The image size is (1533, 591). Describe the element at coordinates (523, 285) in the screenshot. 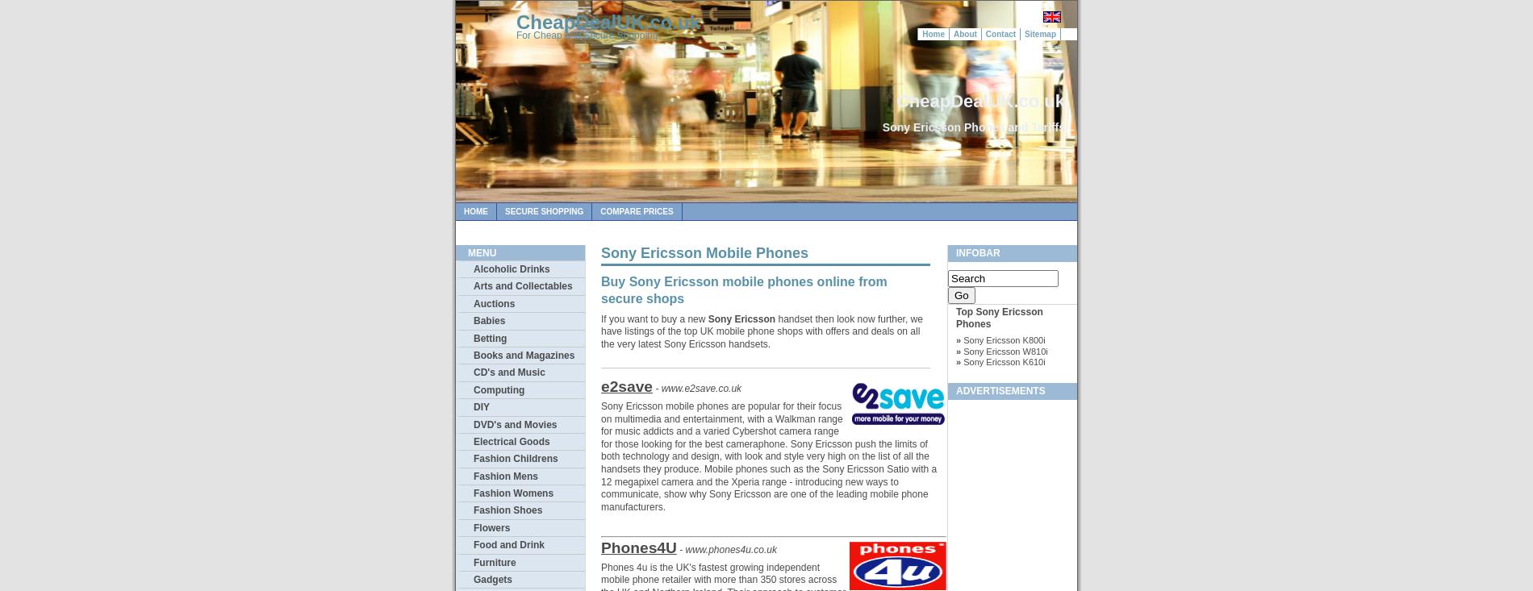

I see `'Arts and Collectables'` at that location.